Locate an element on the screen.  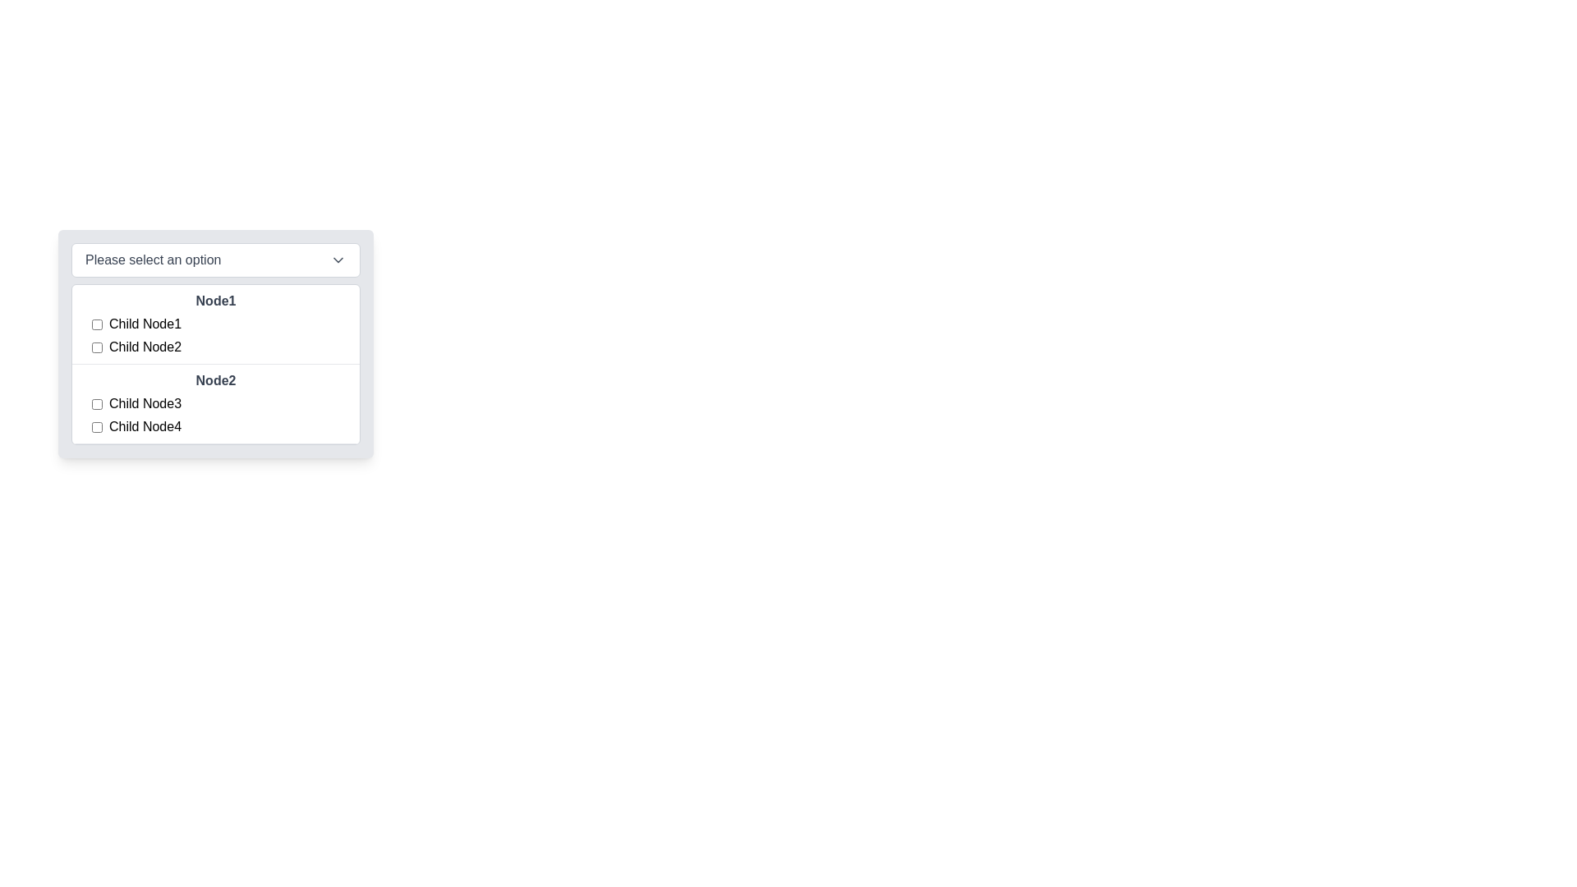
the dropdown menu with a white background that prompts 'Please select an option' is located at coordinates (215, 259).